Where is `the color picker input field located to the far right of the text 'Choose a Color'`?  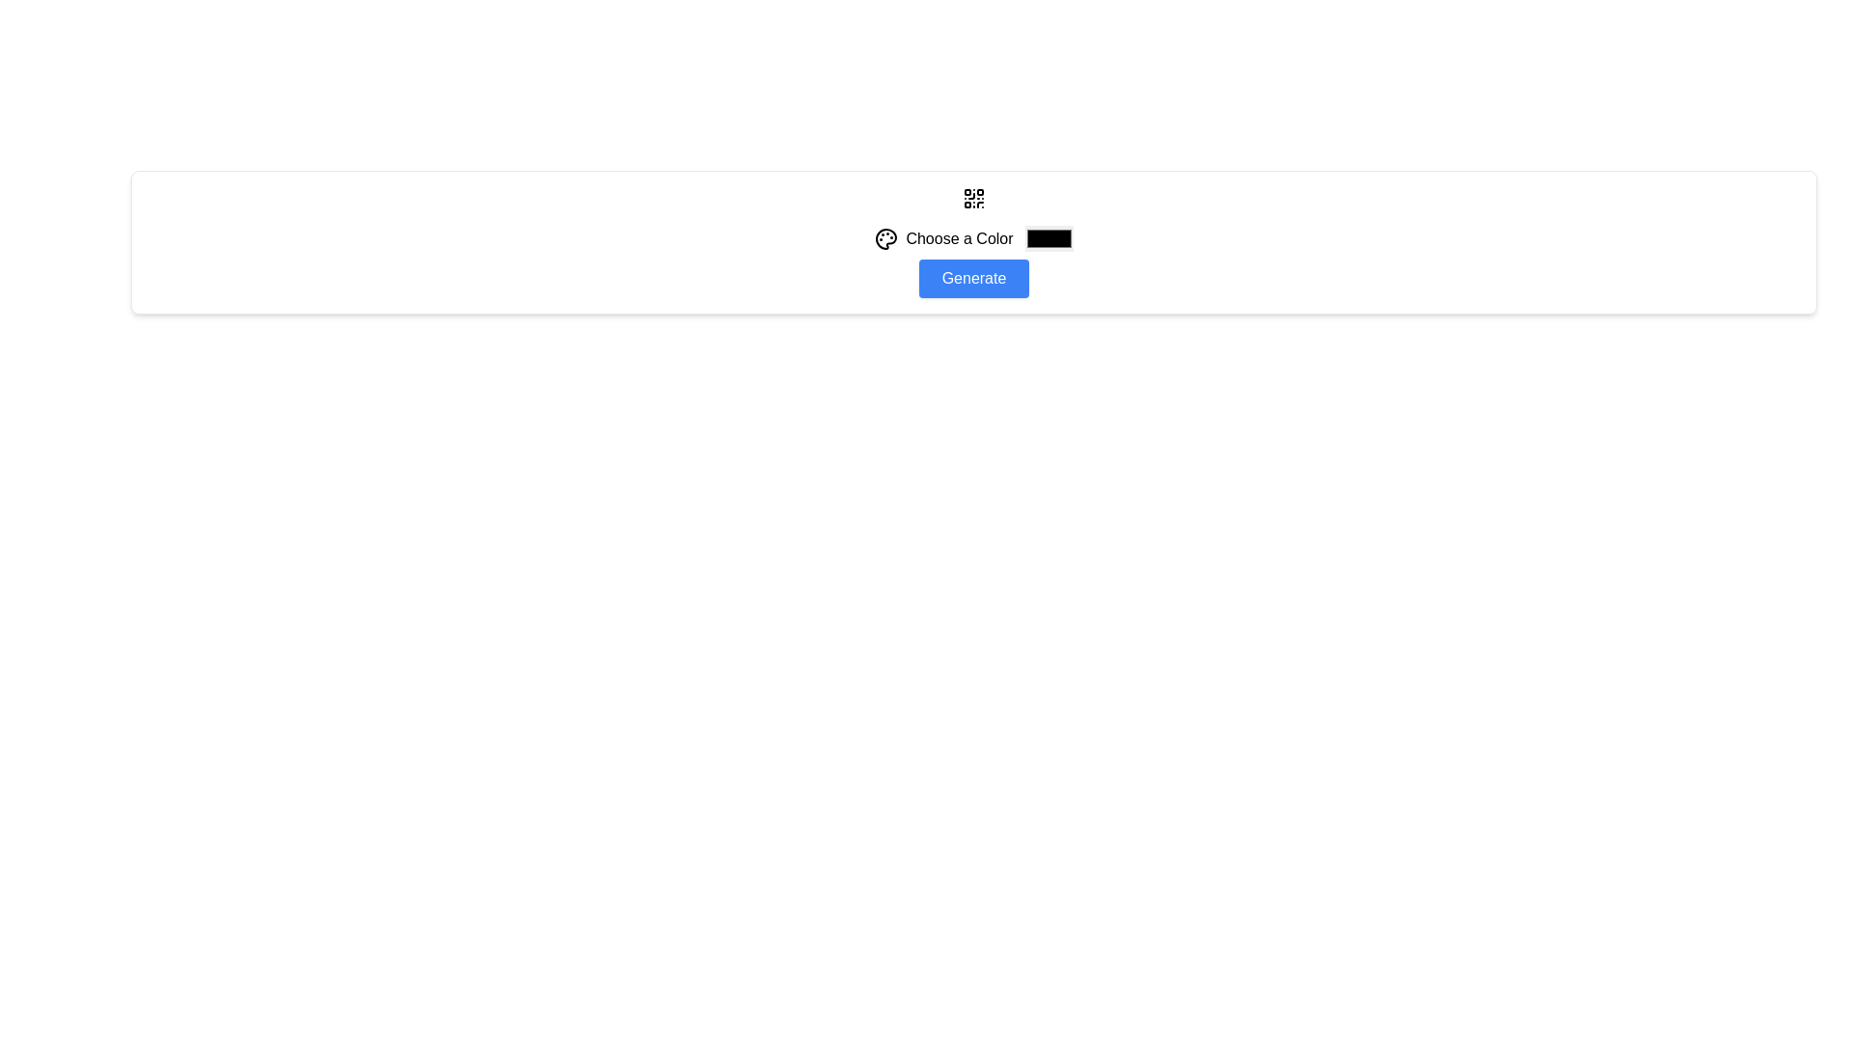 the color picker input field located to the far right of the text 'Choose a Color' is located at coordinates (1048, 237).